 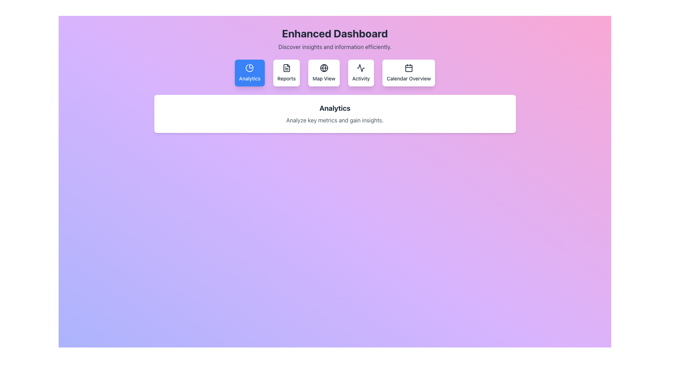 What do you see at coordinates (409, 68) in the screenshot?
I see `the graphical icon element within the Calendar Overview icon located in the top-right section of the feature navigation panel` at bounding box center [409, 68].